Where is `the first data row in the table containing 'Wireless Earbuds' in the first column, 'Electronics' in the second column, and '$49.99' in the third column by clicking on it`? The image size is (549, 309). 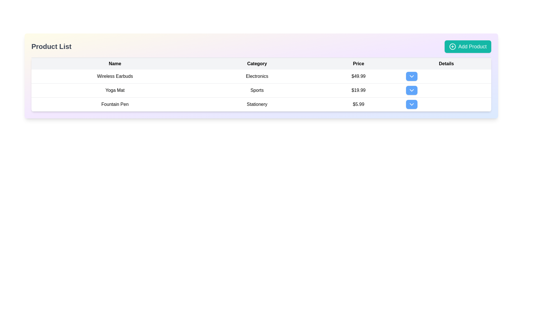
the first data row in the table containing 'Wireless Earbuds' in the first column, 'Electronics' in the second column, and '$49.99' in the third column by clicking on it is located at coordinates (261, 76).